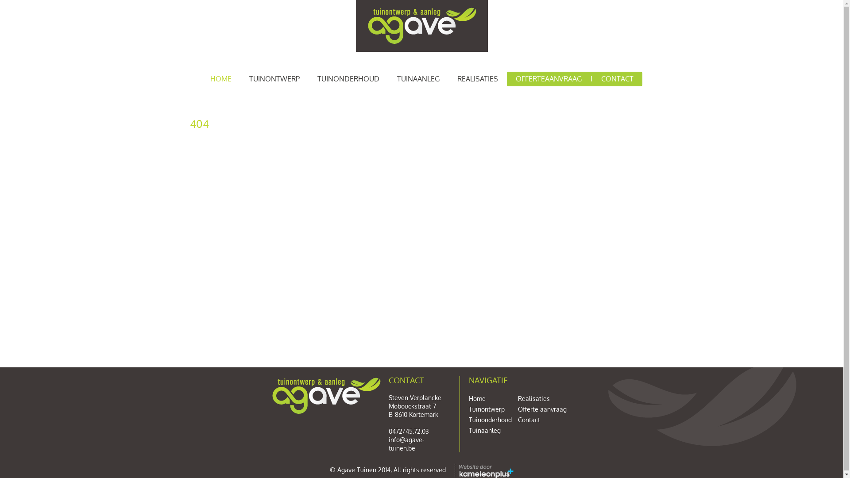 The width and height of the screenshot is (850, 478). What do you see at coordinates (529, 419) in the screenshot?
I see `'Contact'` at bounding box center [529, 419].